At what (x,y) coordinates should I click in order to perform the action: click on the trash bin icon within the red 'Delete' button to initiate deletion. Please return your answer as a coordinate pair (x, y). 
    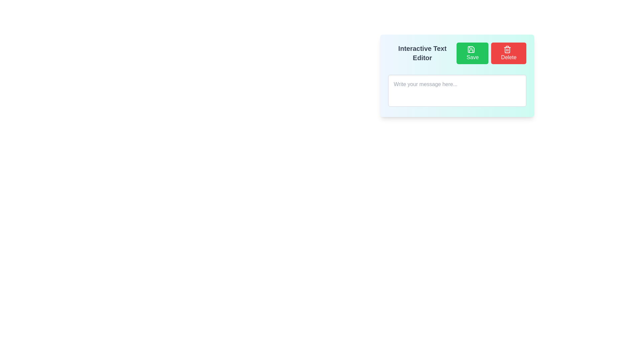
    Looking at the image, I should click on (507, 49).